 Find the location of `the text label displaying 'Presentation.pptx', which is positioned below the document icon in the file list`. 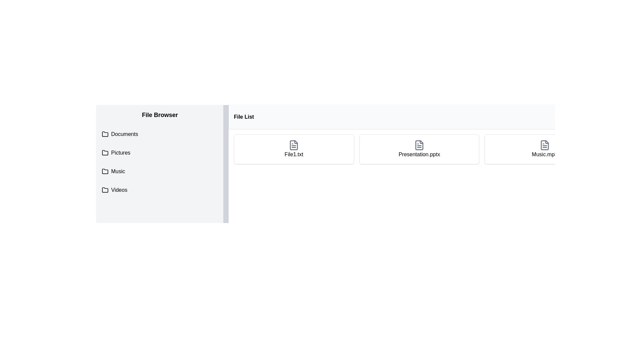

the text label displaying 'Presentation.pptx', which is positioned below the document icon in the file list is located at coordinates (419, 155).